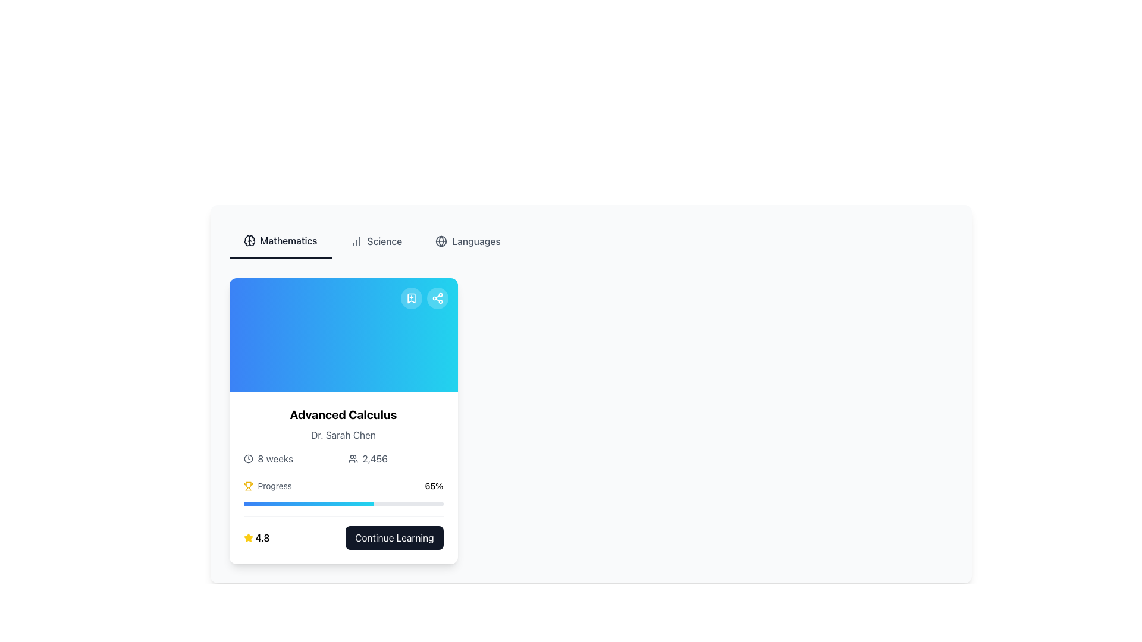 This screenshot has height=642, width=1142. Describe the element at coordinates (247, 486) in the screenshot. I see `the progress achievement icon located to the left of the 'Progress' label in the course details card` at that location.